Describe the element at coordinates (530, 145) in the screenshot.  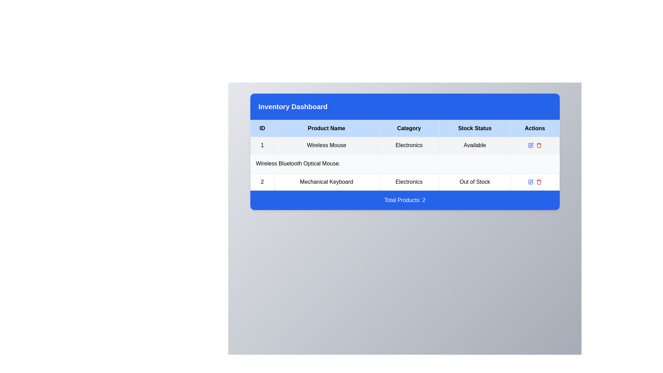
I see `the visual representation of the square portion of the pen-and-square icon located in the 'Actions' column for the second row of the inventory table` at that location.